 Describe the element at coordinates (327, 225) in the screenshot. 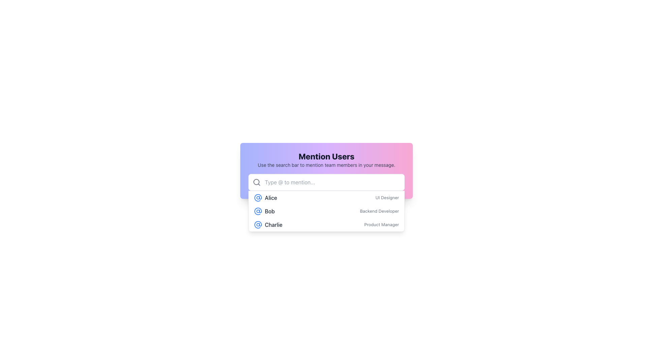

I see `the list item displaying the name 'Charlie' and title 'Product Manager'` at that location.